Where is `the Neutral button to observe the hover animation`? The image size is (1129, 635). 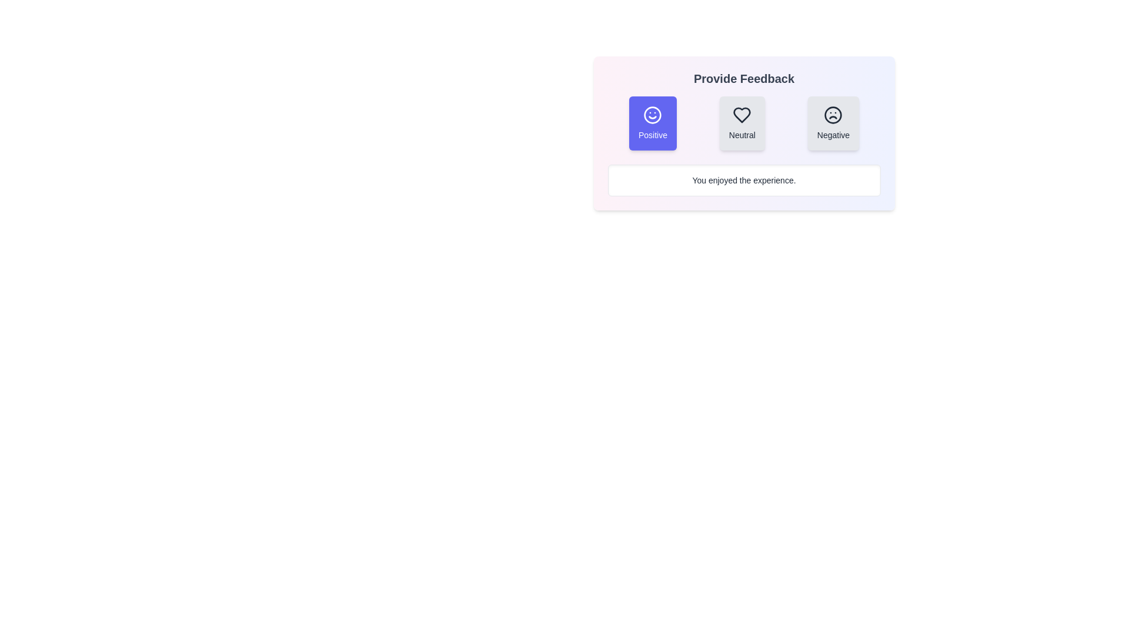 the Neutral button to observe the hover animation is located at coordinates (741, 123).